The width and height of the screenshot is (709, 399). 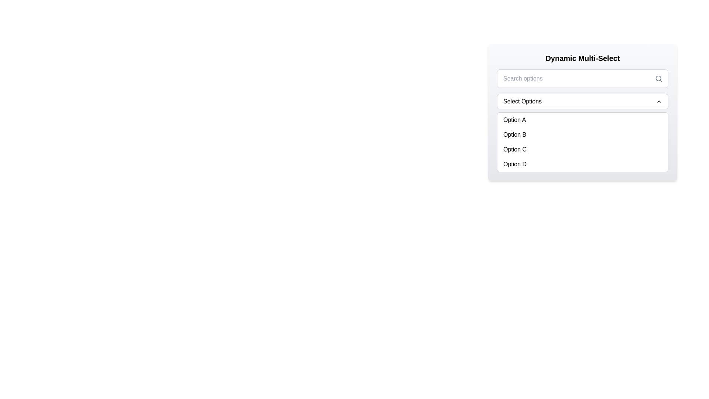 What do you see at coordinates (582, 164) in the screenshot?
I see `details or styles of the clickable list item labeled 'Option D' in the dropdown menu, which is the fourth option with a white background and bold black text` at bounding box center [582, 164].